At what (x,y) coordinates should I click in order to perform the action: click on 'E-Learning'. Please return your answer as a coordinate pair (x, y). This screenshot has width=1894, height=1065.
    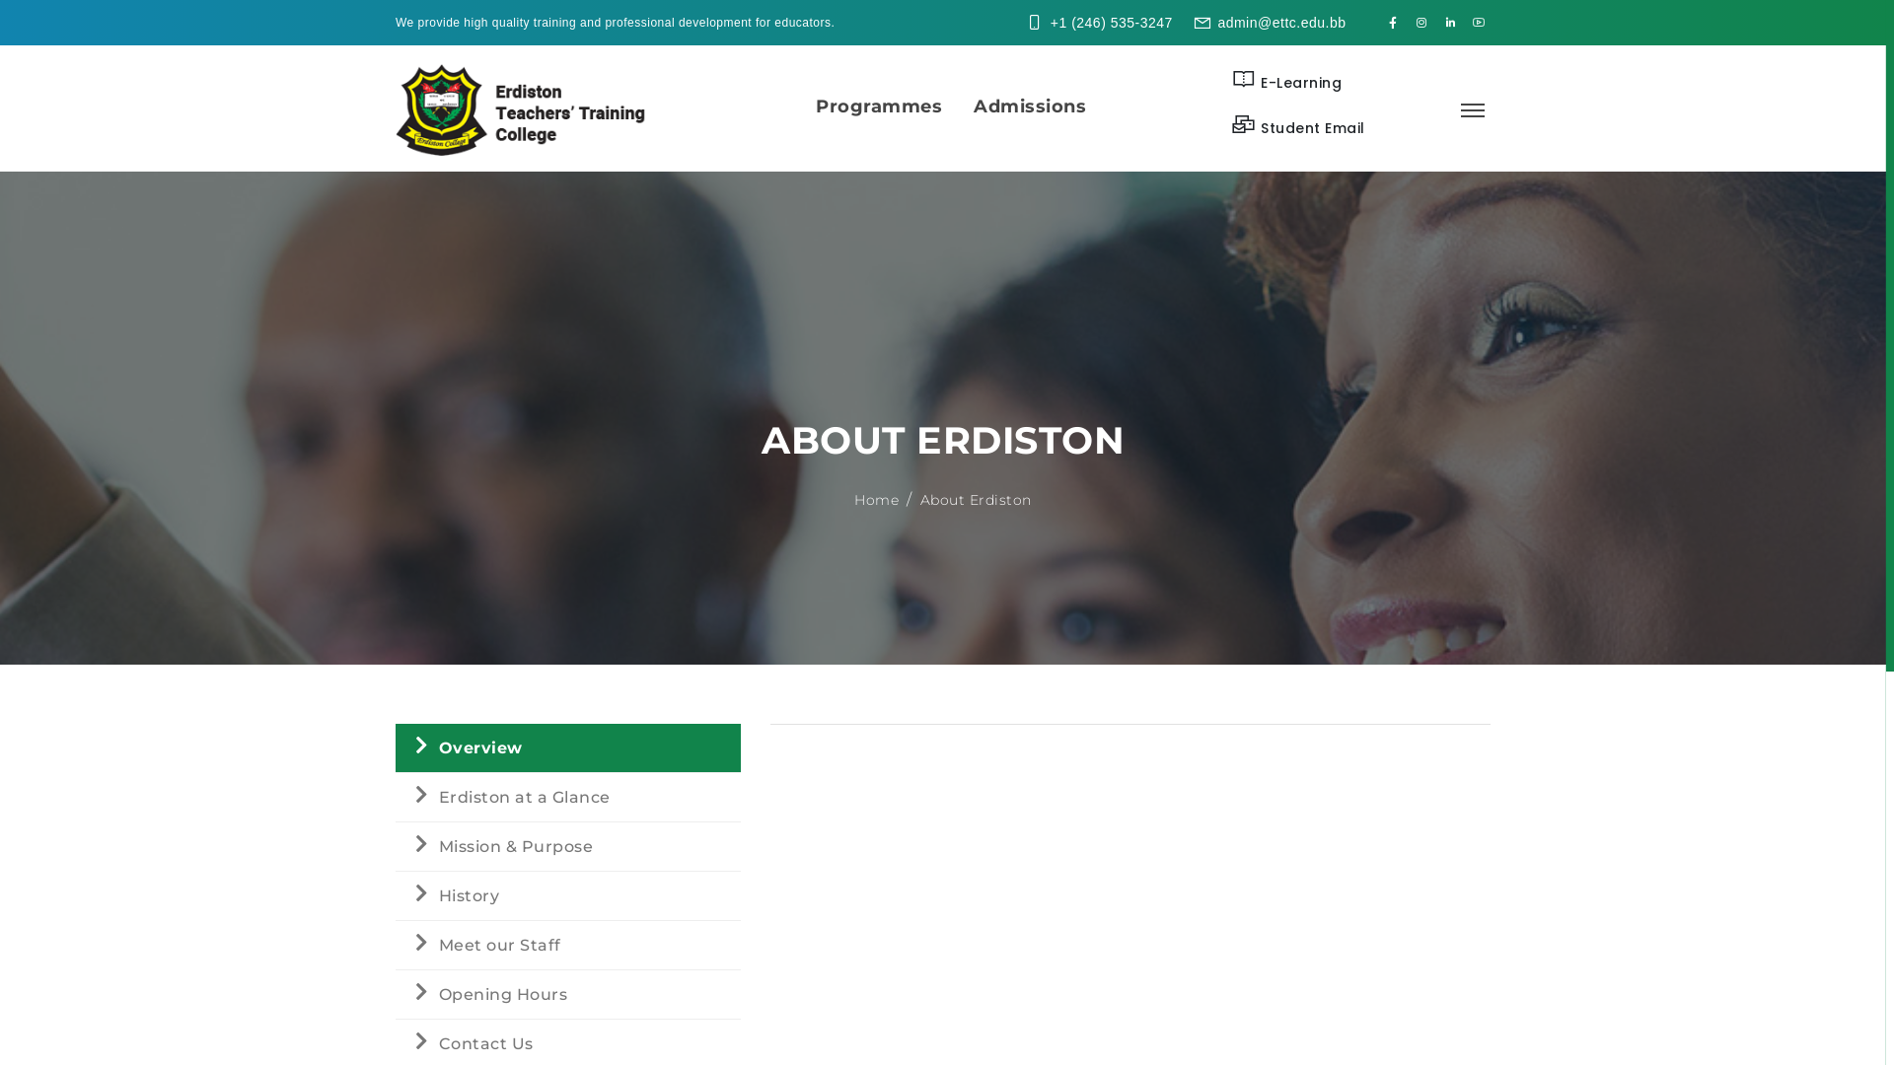
    Looking at the image, I should click on (1286, 79).